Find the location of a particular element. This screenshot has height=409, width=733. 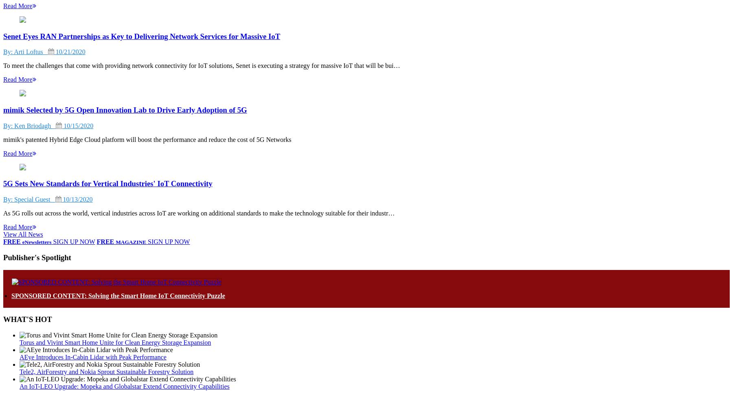

'AEye Introduces In-Cabin Lidar with Peak Performance' is located at coordinates (92, 357).